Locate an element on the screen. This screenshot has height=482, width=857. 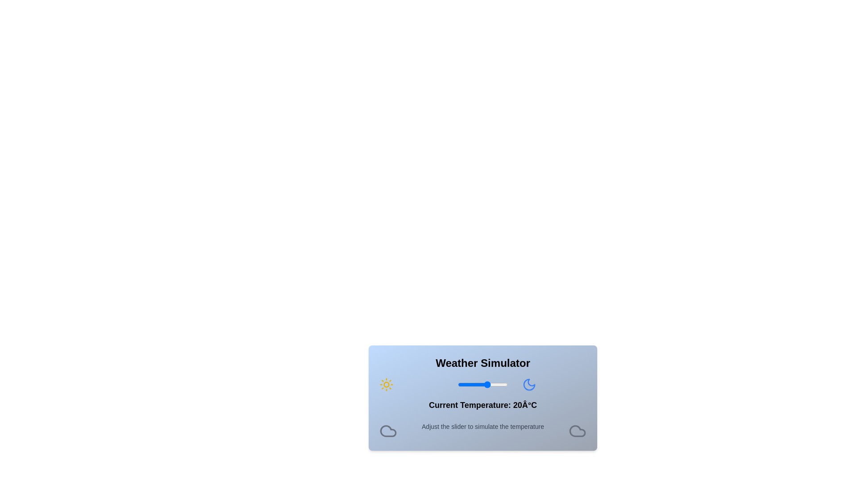
the temperature slider to set the temperature to 29 degrees Celsius is located at coordinates (496, 384).